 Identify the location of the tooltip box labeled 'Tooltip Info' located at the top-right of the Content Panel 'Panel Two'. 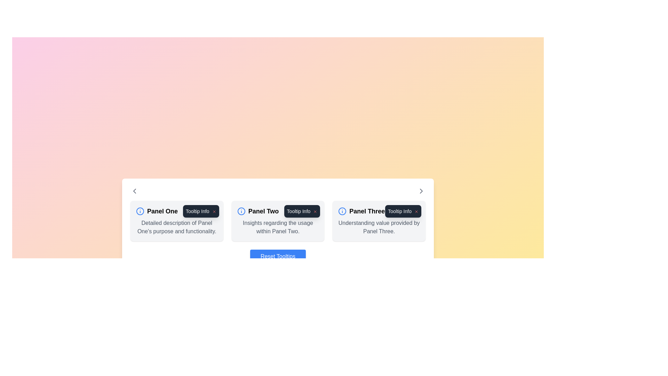
(277, 221).